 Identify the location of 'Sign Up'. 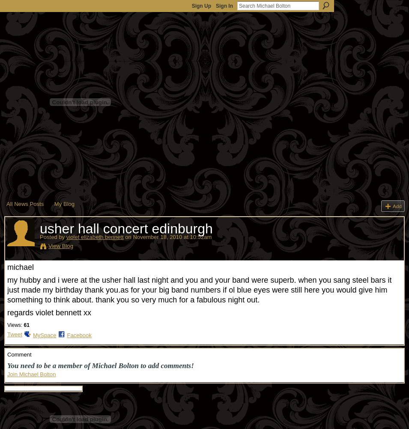
(191, 6).